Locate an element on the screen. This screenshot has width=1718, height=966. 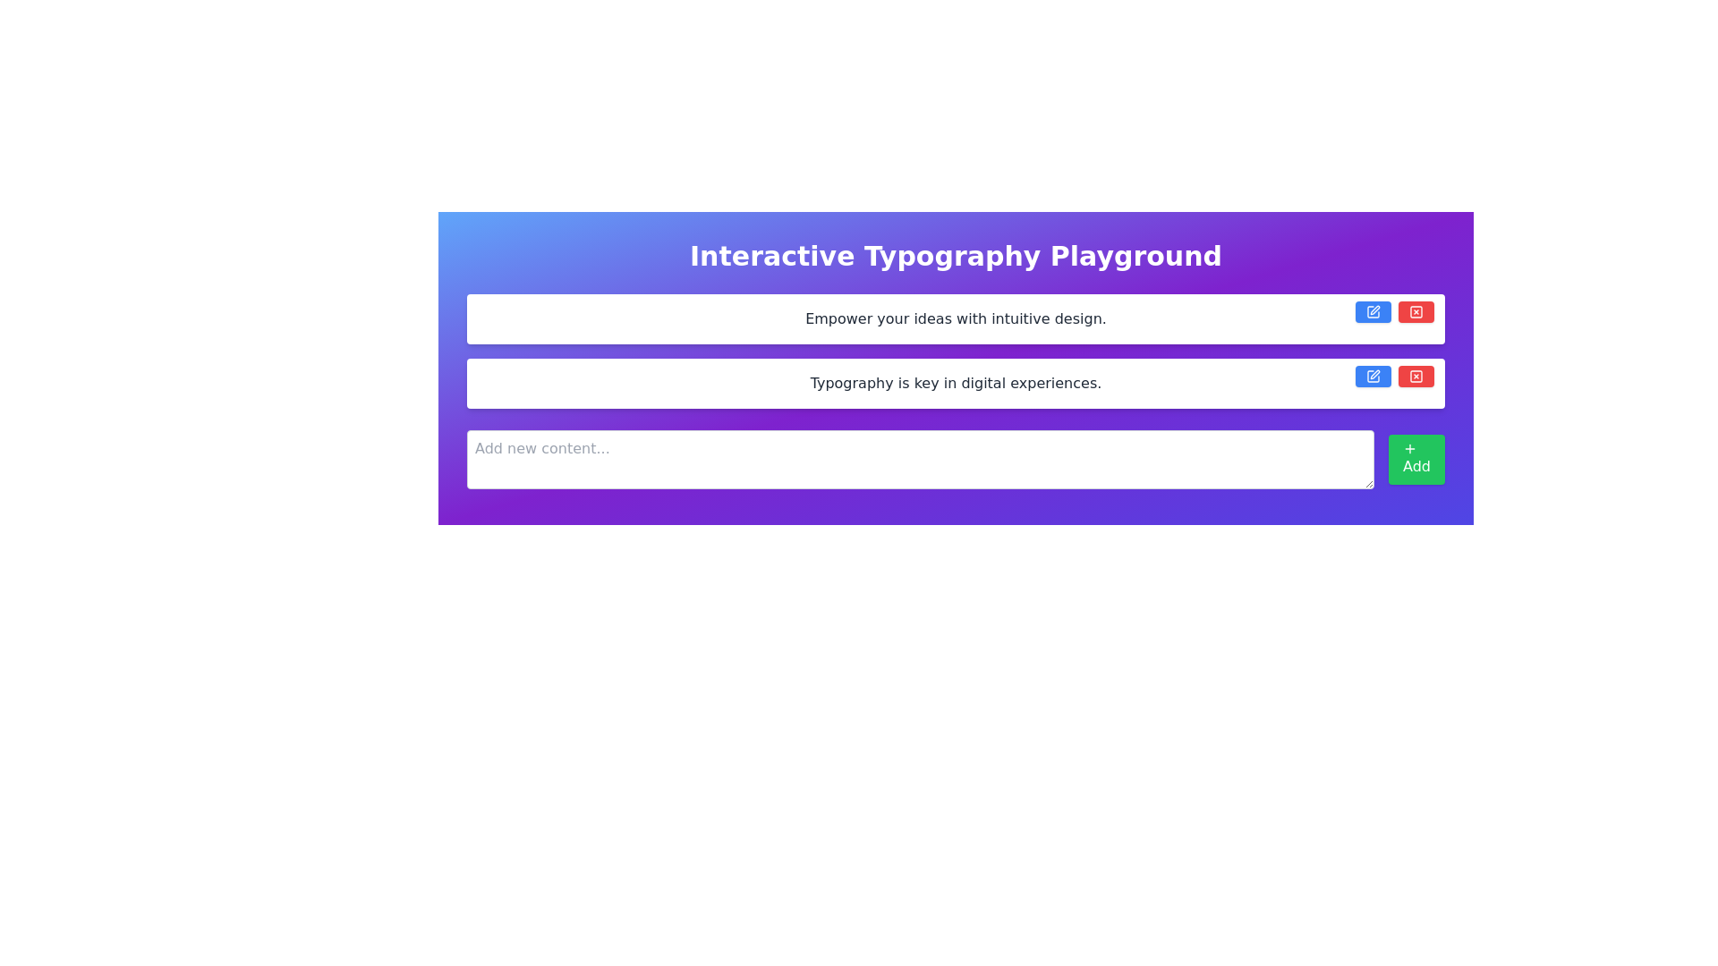
the static text label displaying 'Empower your ideas with intuitive design.' which is located near the top center of the interface within the first white card is located at coordinates (955, 318).